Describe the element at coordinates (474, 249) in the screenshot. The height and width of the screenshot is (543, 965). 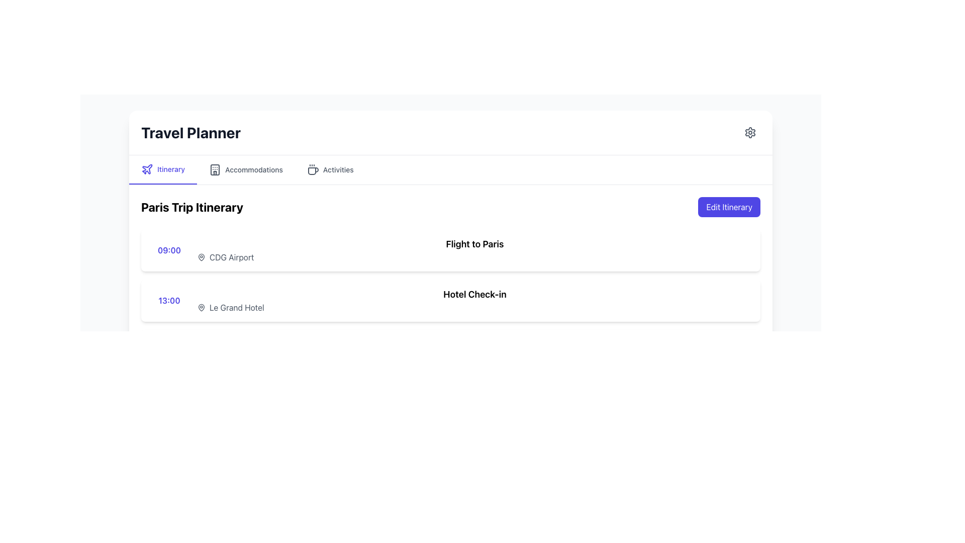
I see `the text label and icon associated with the scheduled flight to Paris (CDG Airport) located under 'Paris Trip Itinerary' and above 'Hotel Check-in'` at that location.